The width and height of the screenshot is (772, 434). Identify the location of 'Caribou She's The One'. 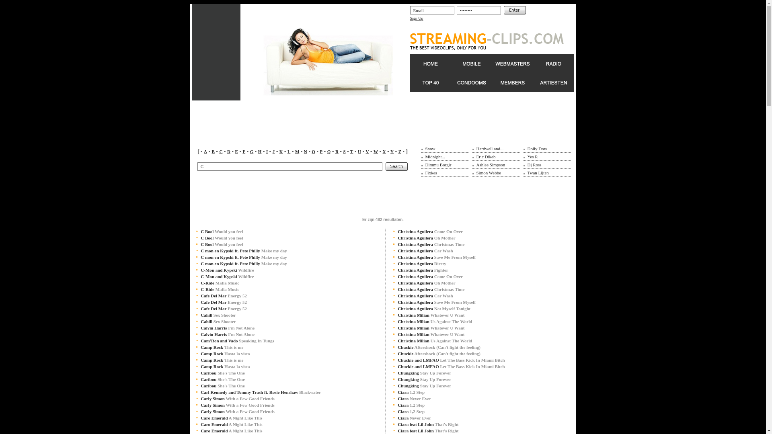
(222, 379).